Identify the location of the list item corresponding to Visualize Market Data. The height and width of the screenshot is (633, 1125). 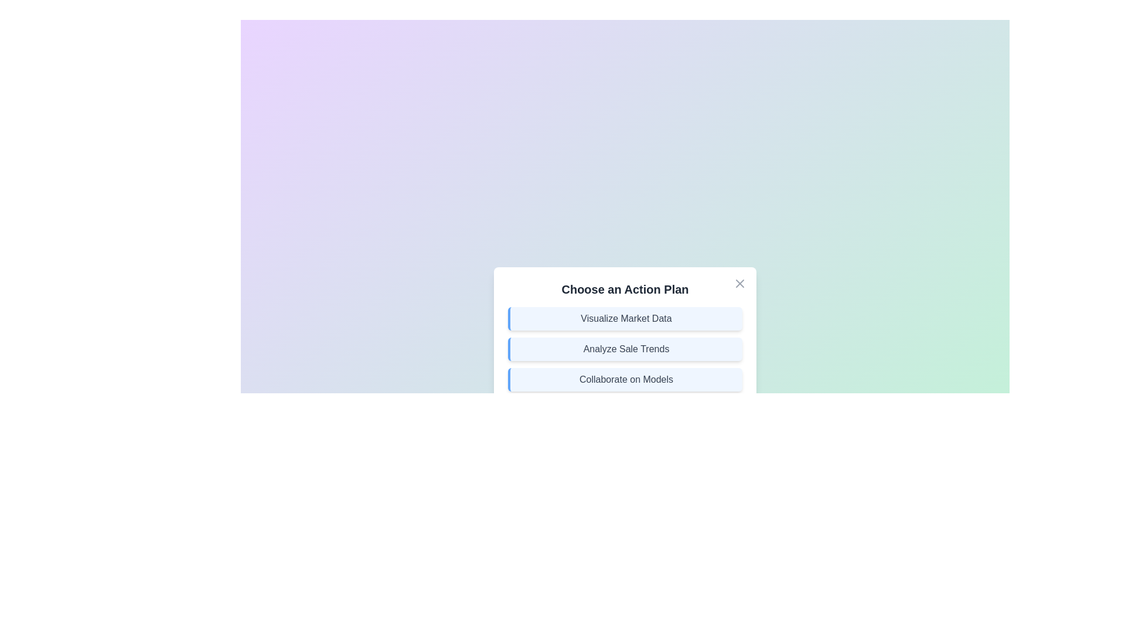
(624, 318).